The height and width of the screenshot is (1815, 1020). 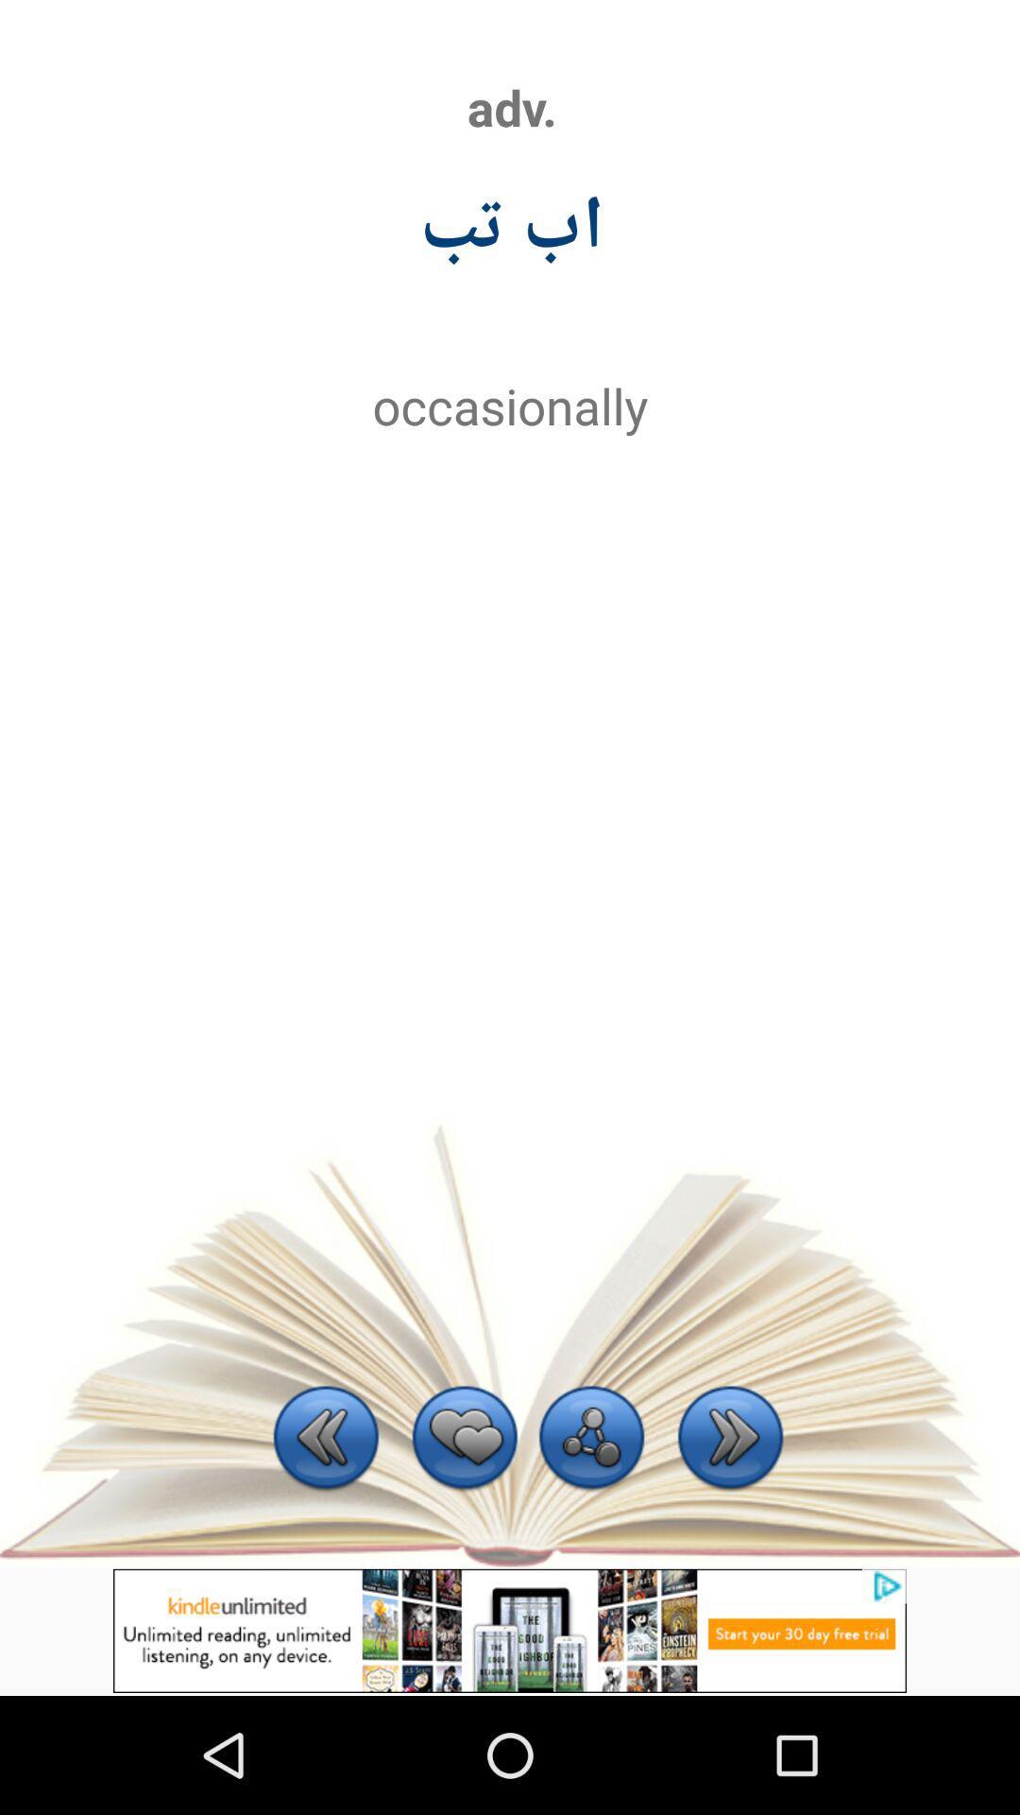 What do you see at coordinates (325, 1439) in the screenshot?
I see `go back` at bounding box center [325, 1439].